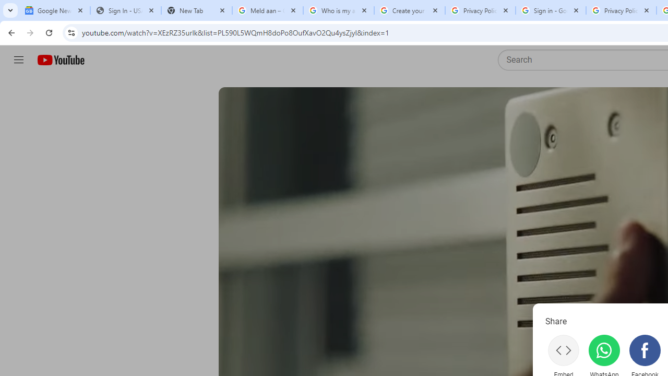 The height and width of the screenshot is (376, 668). What do you see at coordinates (125, 10) in the screenshot?
I see `'Sign In - USA TODAY'` at bounding box center [125, 10].